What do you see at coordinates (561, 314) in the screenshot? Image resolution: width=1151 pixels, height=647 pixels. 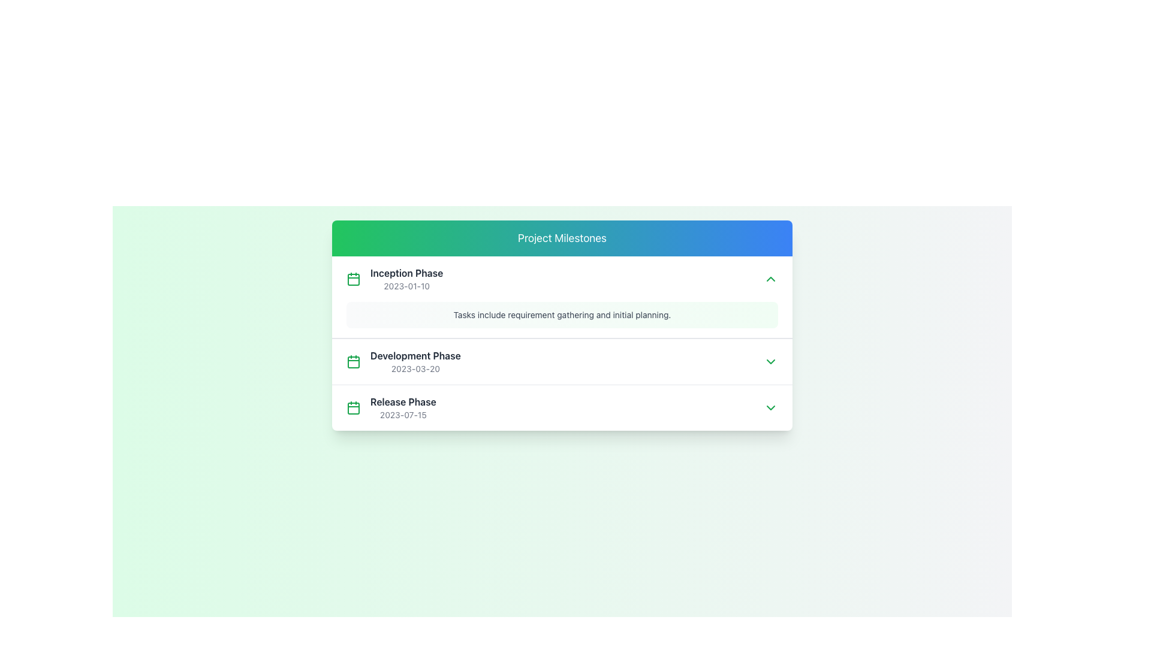 I see `the descriptive text label that provides additional details about the tasks included in the 'Inception Phase', located centrally underneath the title and date in the 'Project Milestones' interface` at bounding box center [561, 314].